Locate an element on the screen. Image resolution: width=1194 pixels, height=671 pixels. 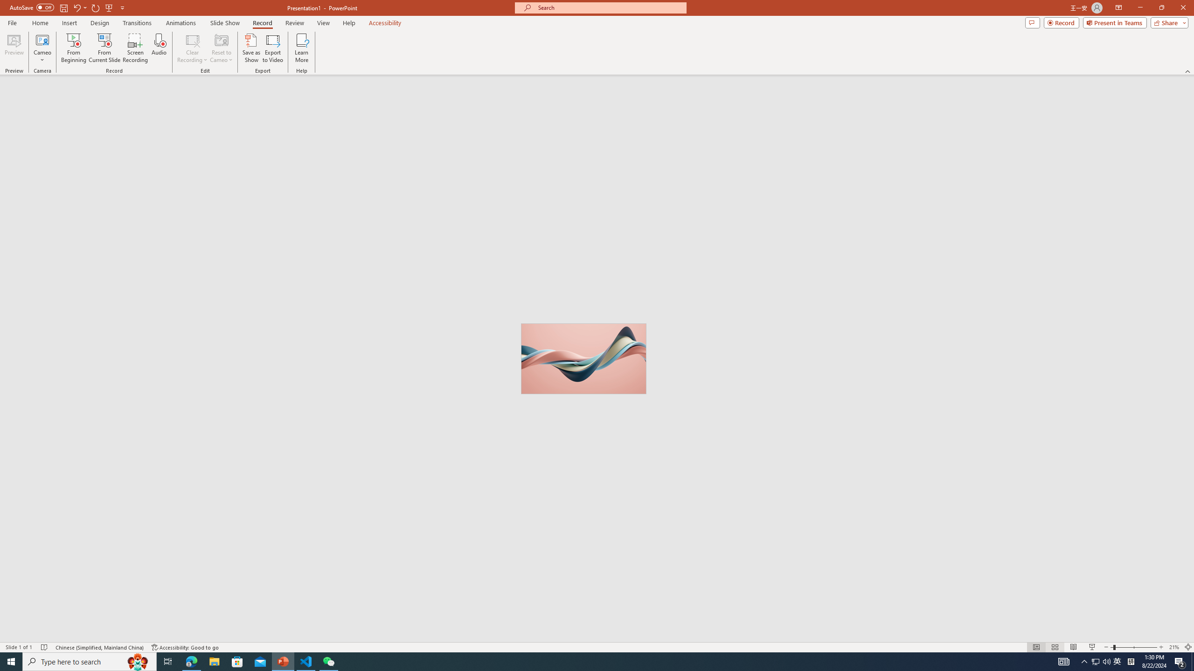
'Clear Recording' is located at coordinates (192, 48).